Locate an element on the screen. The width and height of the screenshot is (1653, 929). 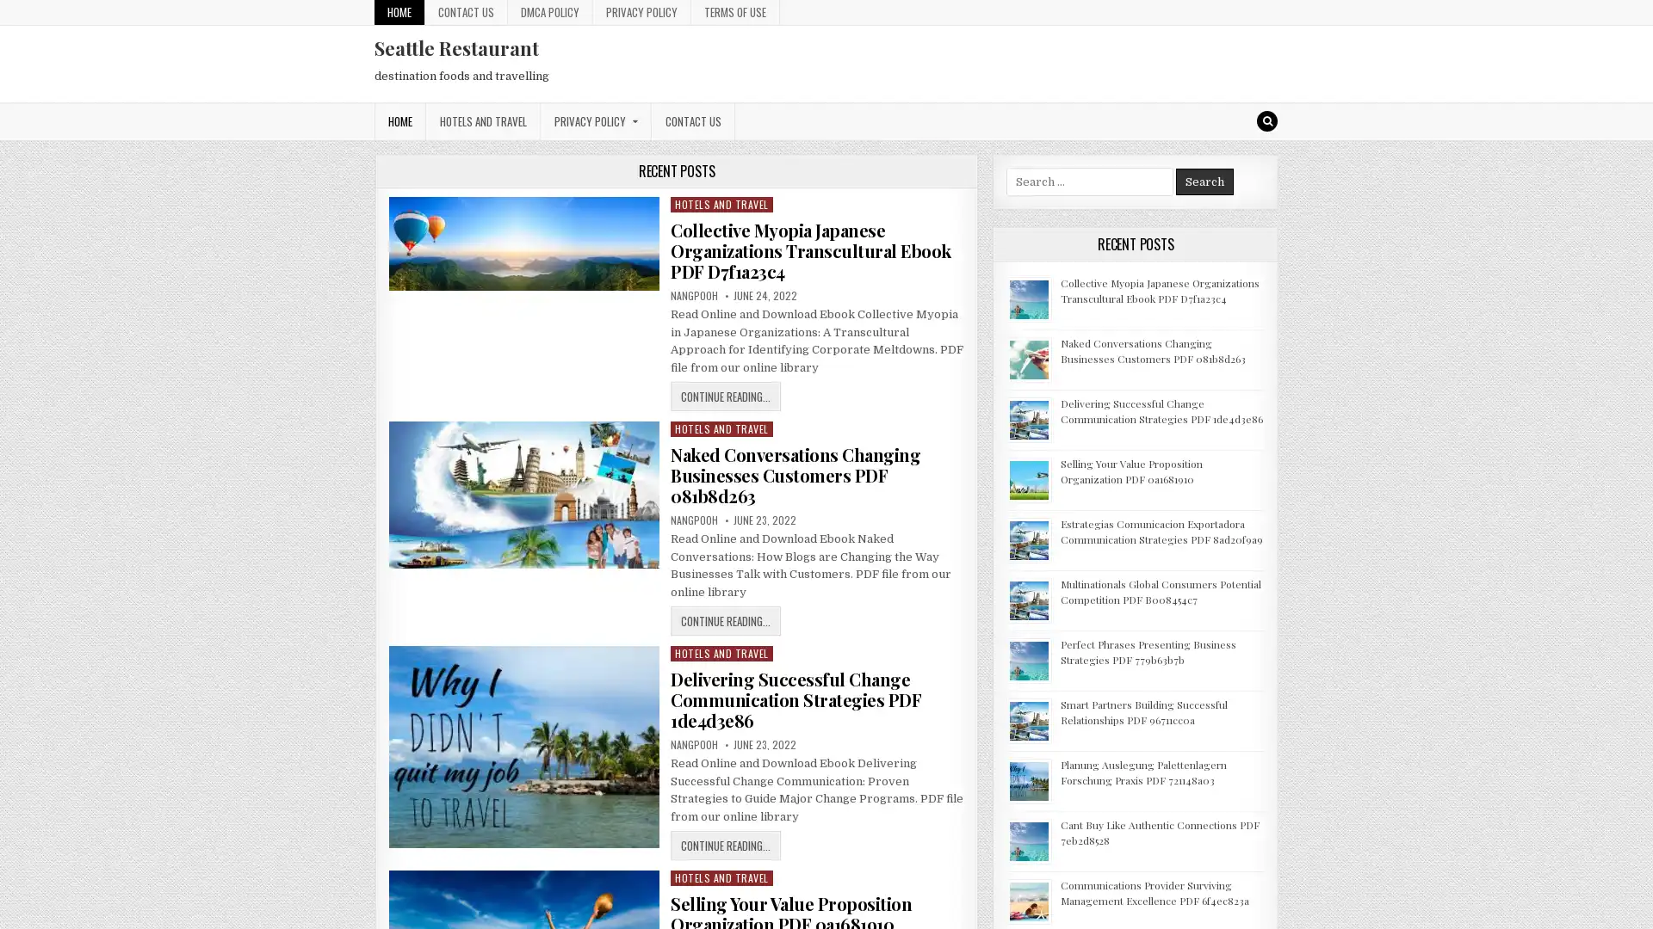
Search is located at coordinates (1204, 181).